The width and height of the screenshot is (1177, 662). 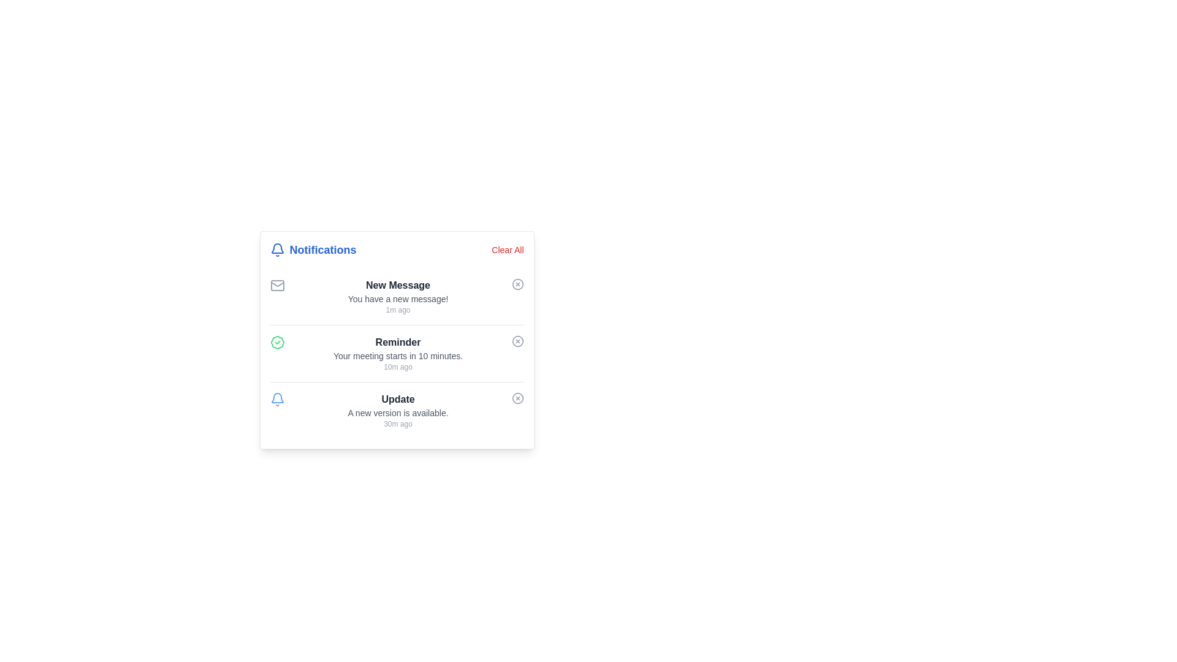 I want to click on the notification label element located at the top-left region of the notifications panel, which serves as a visual indicator for notifications, so click(x=313, y=249).